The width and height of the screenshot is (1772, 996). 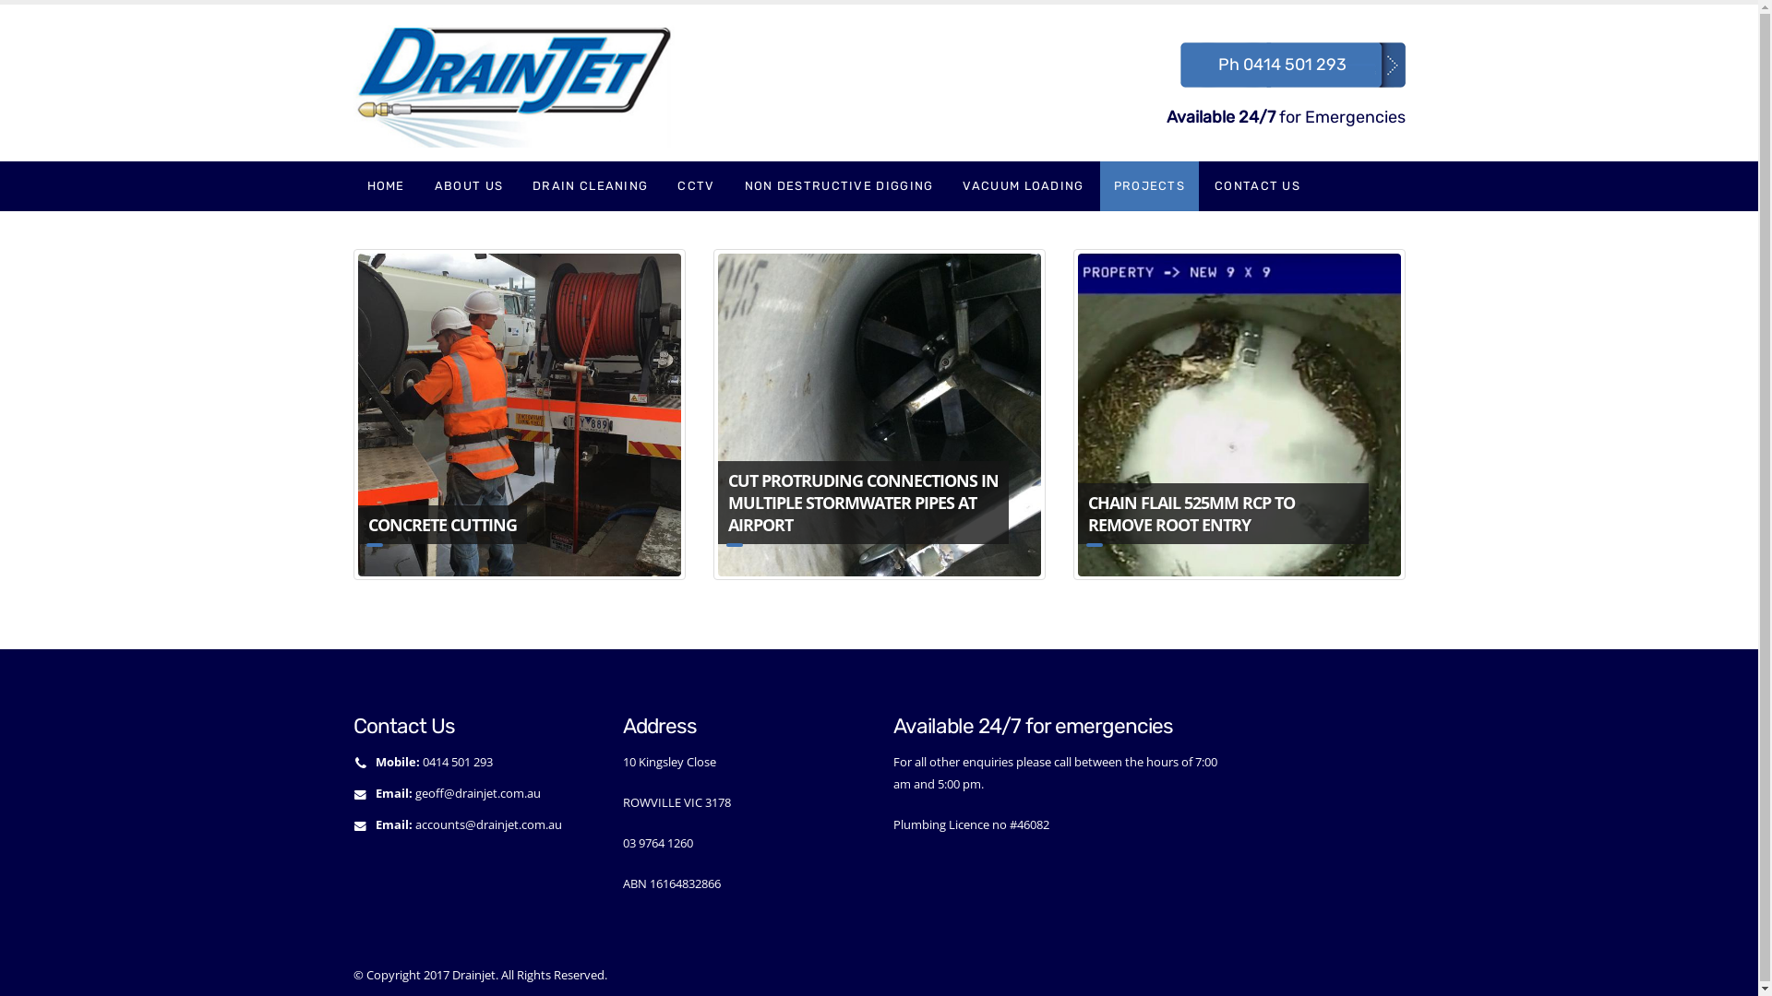 What do you see at coordinates (384, 185) in the screenshot?
I see `'HOME'` at bounding box center [384, 185].